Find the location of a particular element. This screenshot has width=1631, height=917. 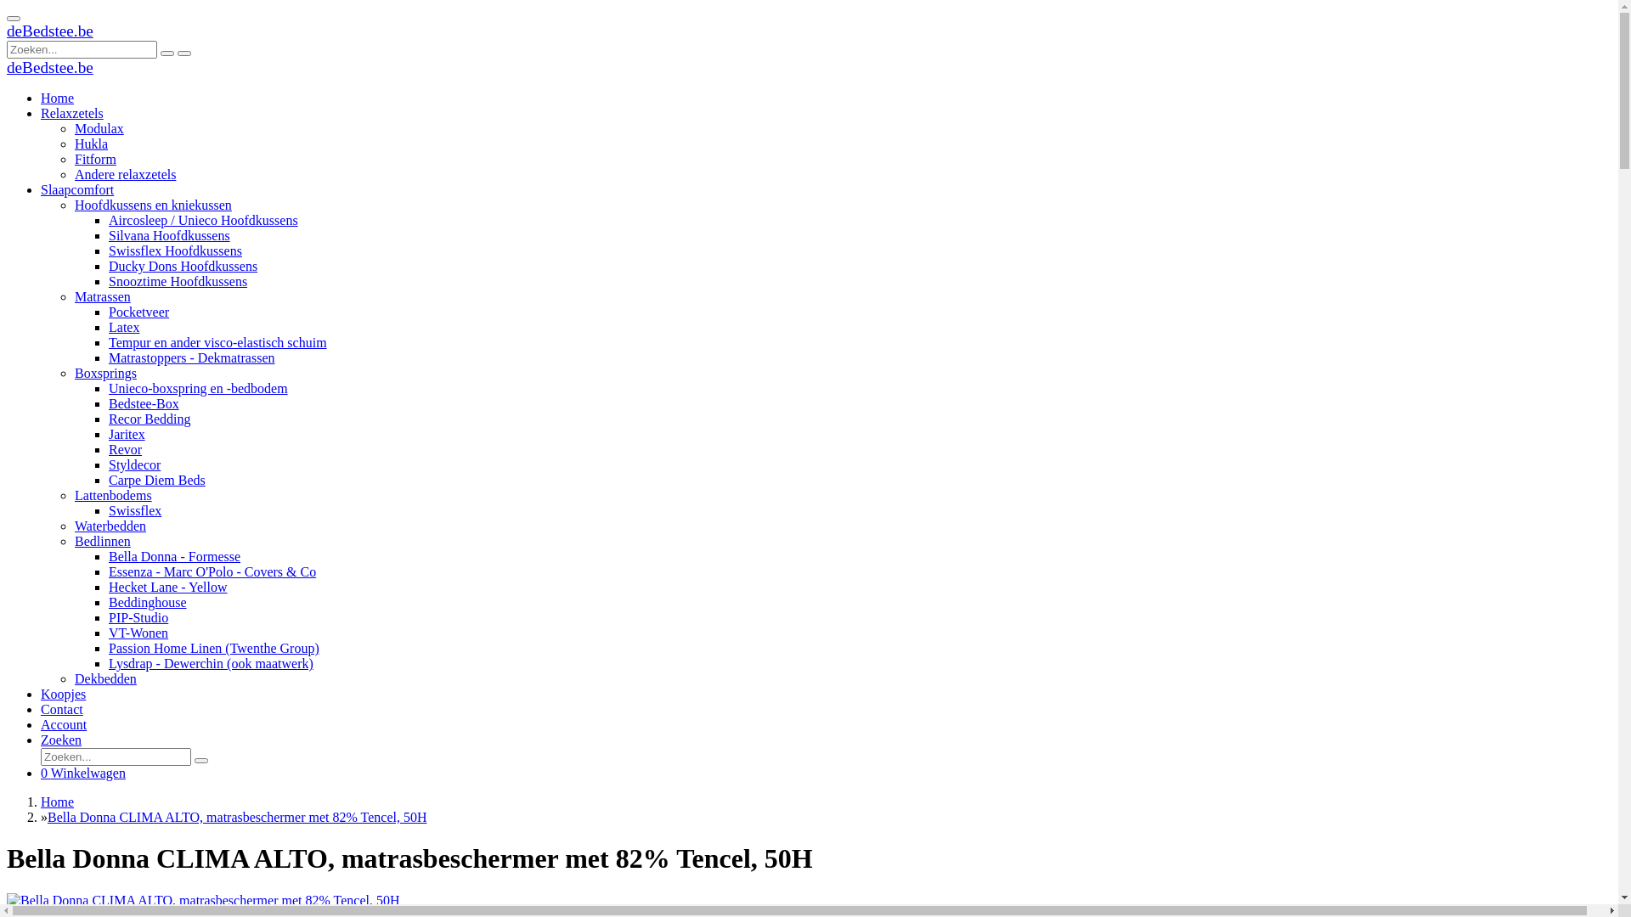

'Slaapcomfort' is located at coordinates (76, 189).